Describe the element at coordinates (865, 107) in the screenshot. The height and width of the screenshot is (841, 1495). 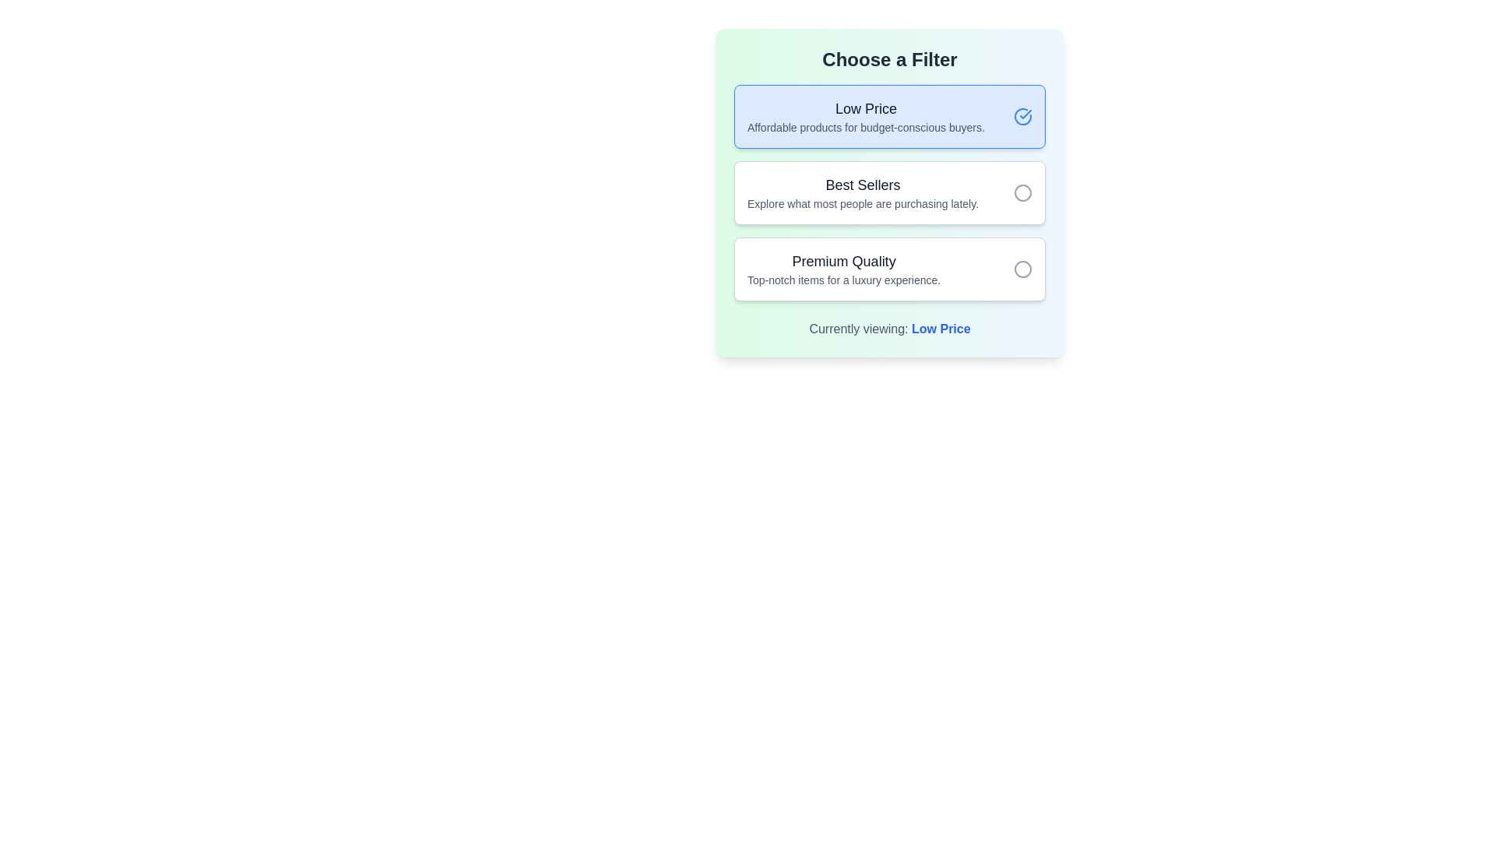
I see `prominent text label 'Low Price' styled in bold and larger font, located near the top of the interface under the header 'Choose a Filter'` at that location.